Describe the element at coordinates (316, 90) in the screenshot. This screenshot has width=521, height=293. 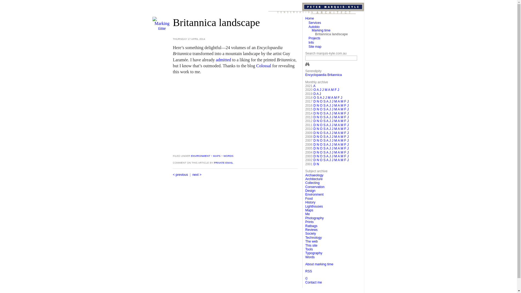
I see `'A'` at that location.